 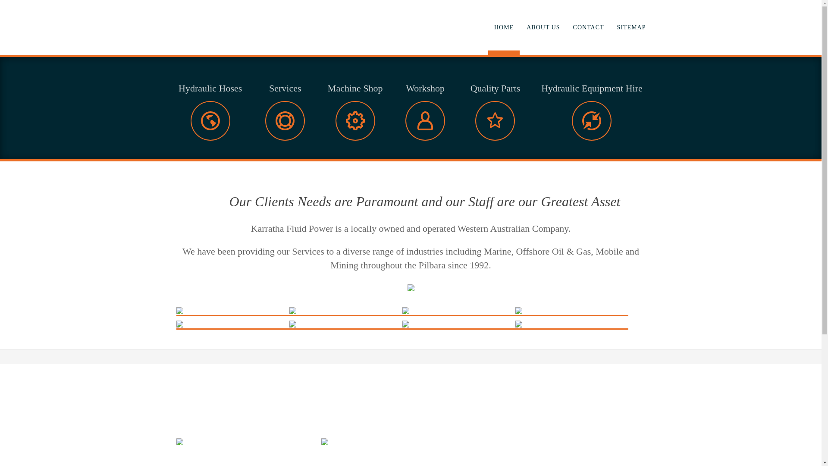 I want to click on 'Prev', so click(x=18, y=28).